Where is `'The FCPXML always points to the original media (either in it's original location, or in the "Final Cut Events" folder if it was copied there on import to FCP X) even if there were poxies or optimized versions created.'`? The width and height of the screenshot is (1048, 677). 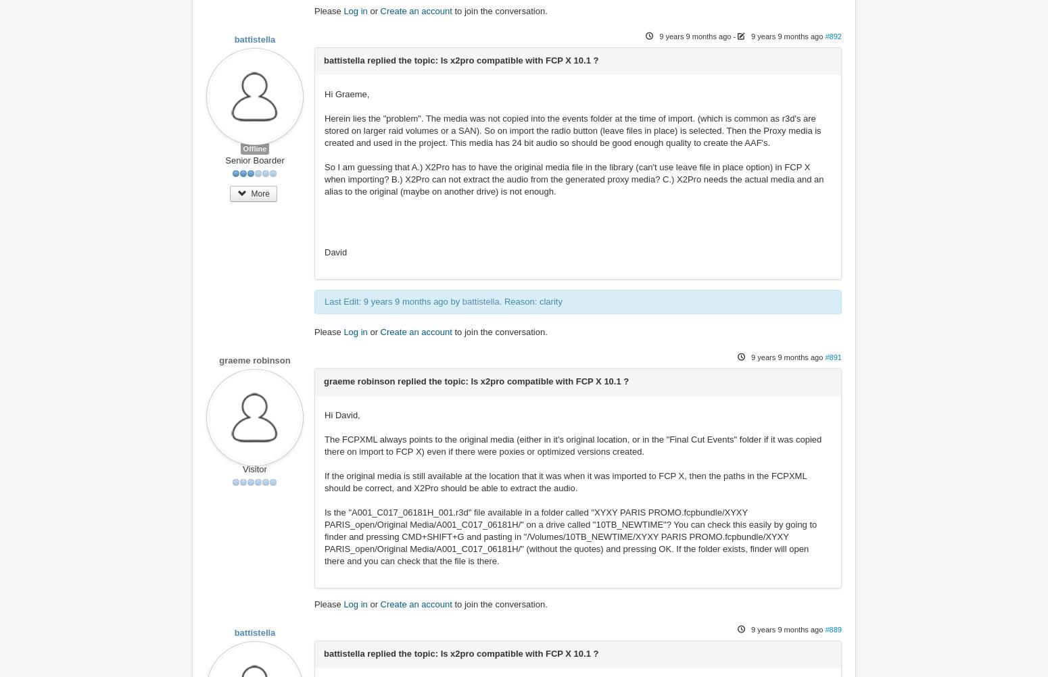
'The FCPXML always points to the original media (either in it's original location, or in the "Final Cut Events" folder if it was copied there on import to FCP X) even if there were poxies or optimized versions created.' is located at coordinates (572, 445).